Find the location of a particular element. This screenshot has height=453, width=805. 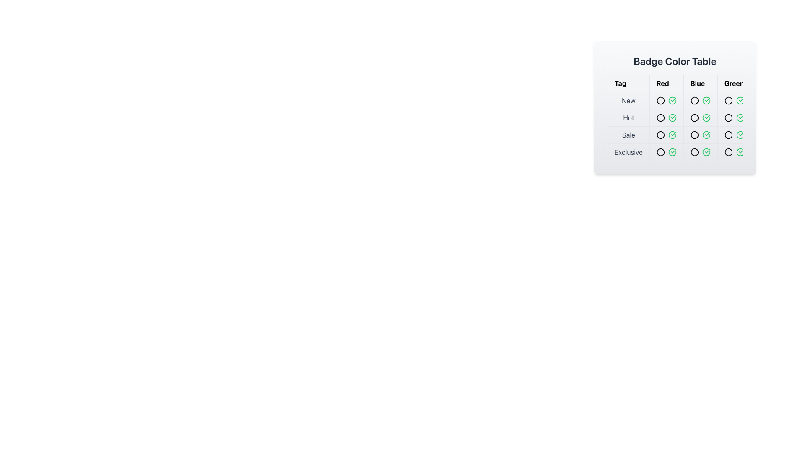

the Decorative icon with a green border located in the last column of the second row in the 'Badge Color Table' is located at coordinates (728, 118).